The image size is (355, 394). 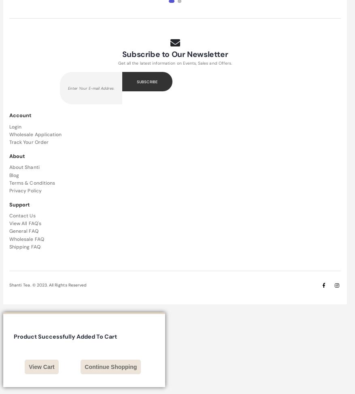 I want to click on 'About', so click(x=17, y=155).